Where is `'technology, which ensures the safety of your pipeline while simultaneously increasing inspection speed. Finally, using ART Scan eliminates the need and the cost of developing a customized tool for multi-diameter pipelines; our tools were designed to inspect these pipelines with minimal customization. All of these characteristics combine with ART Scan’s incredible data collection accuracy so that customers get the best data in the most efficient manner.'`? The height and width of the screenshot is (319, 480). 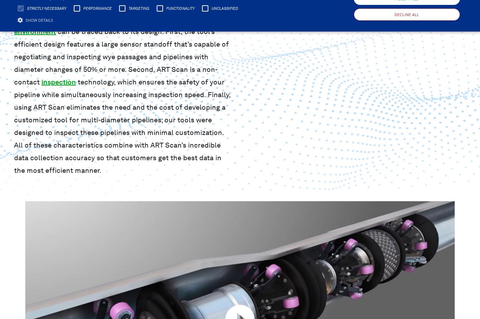
'technology, which ensures the safety of your pipeline while simultaneously increasing inspection speed. Finally, using ART Scan eliminates the need and the cost of developing a customized tool for multi-diameter pipelines; our tools were designed to inspect these pipelines with minimal customization. All of these characteristics combine with ART Scan’s incredible data collection accuracy so that customers get the best data in the most efficient manner.' is located at coordinates (122, 126).